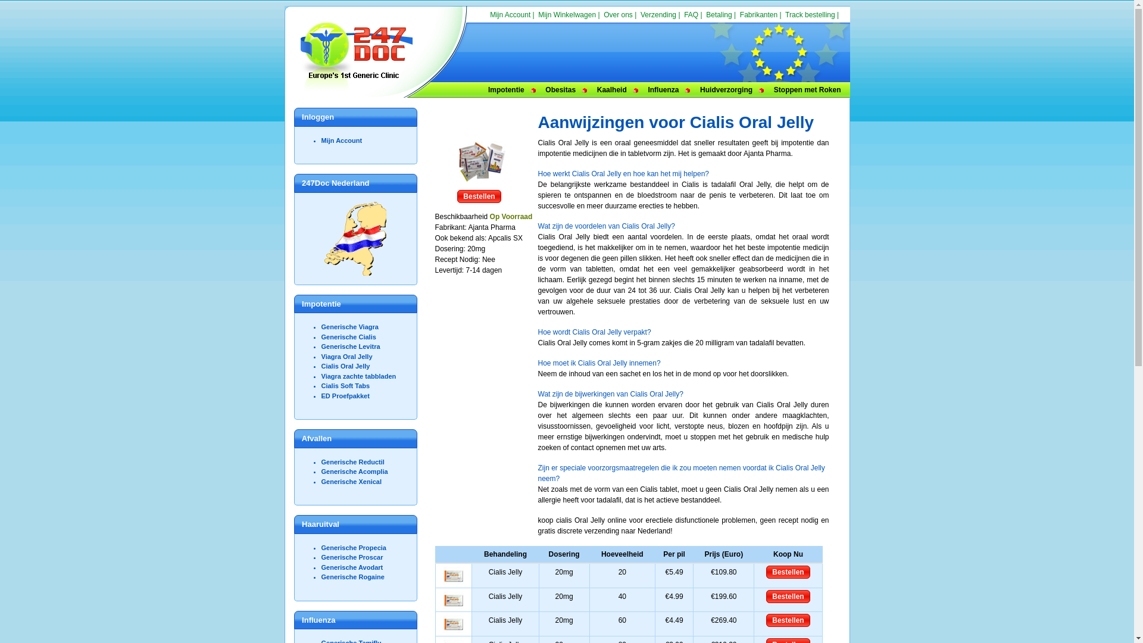  Describe the element at coordinates (758, 14) in the screenshot. I see `'Fabrikanten'` at that location.